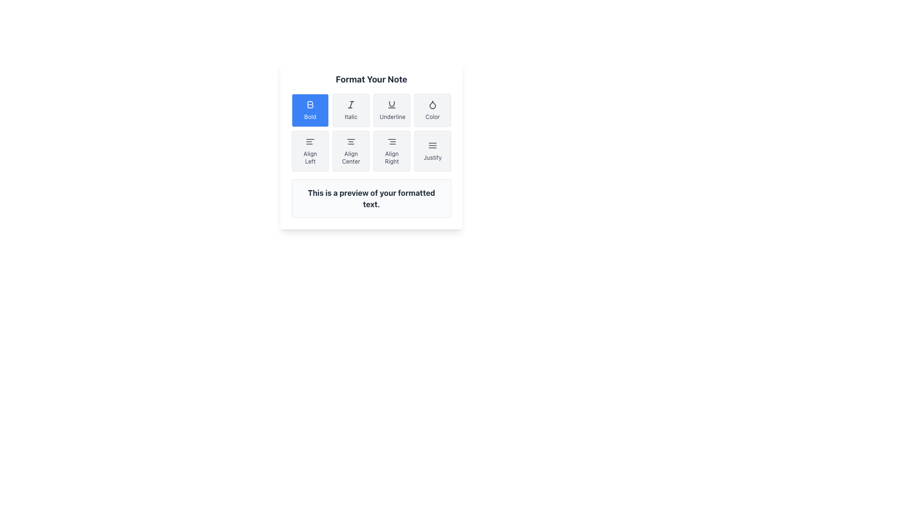 Image resolution: width=911 pixels, height=512 pixels. I want to click on the text label displaying 'Justify', which is styled in a small, muted font and located below the corresponding justify icon in the 'Format Your Note' section, so click(432, 157).